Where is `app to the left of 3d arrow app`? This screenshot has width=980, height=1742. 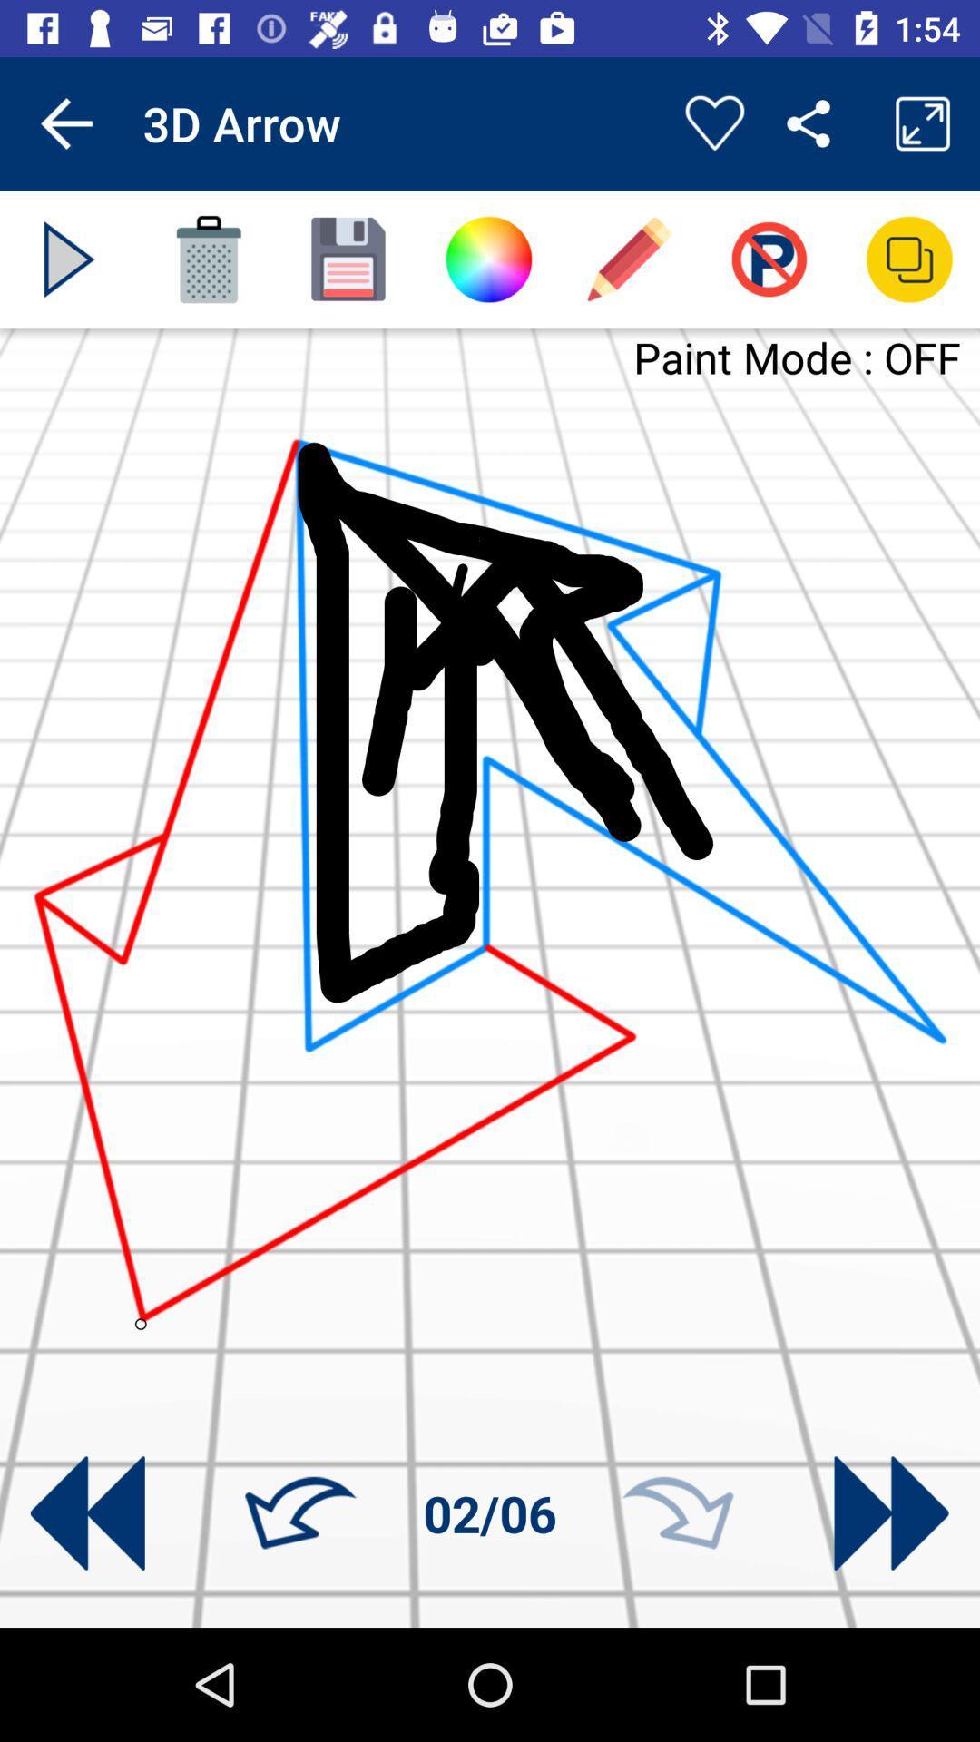 app to the left of 3d arrow app is located at coordinates (65, 122).